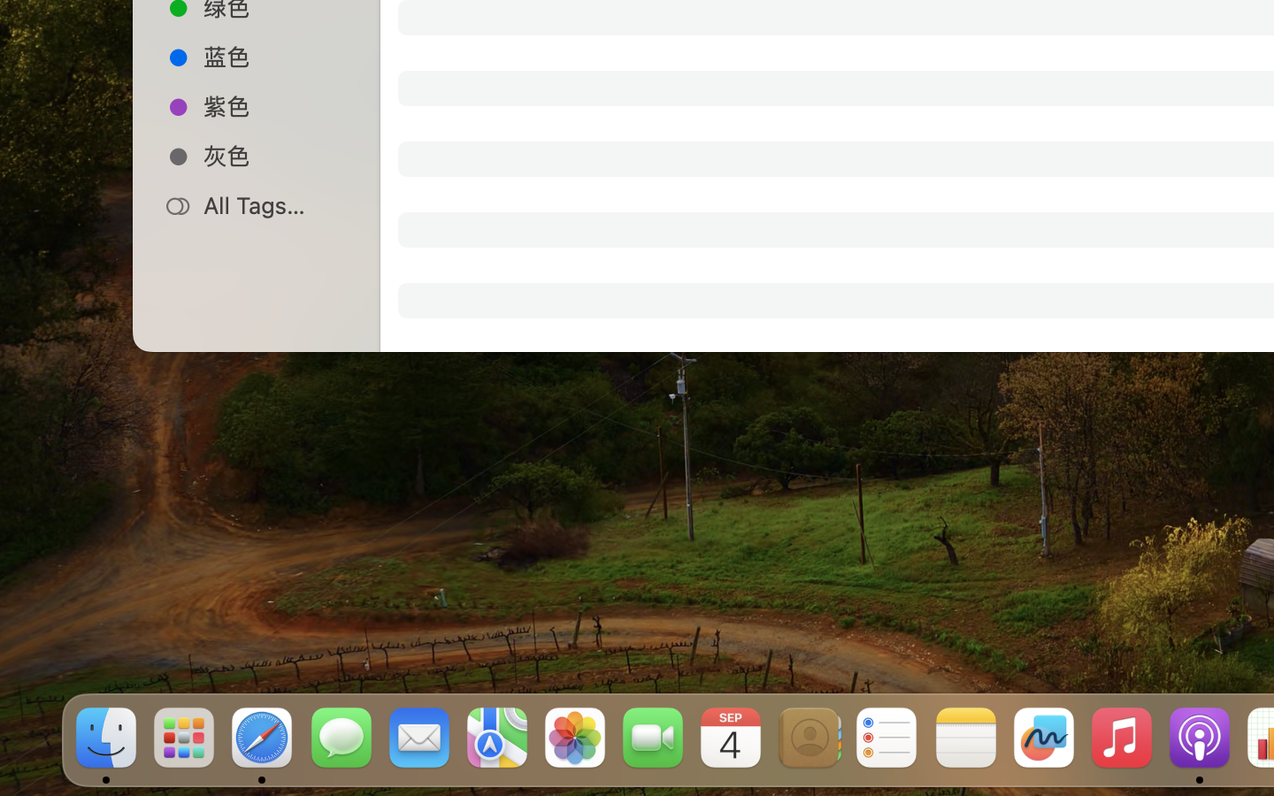  What do you see at coordinates (275, 55) in the screenshot?
I see `'蓝色'` at bounding box center [275, 55].